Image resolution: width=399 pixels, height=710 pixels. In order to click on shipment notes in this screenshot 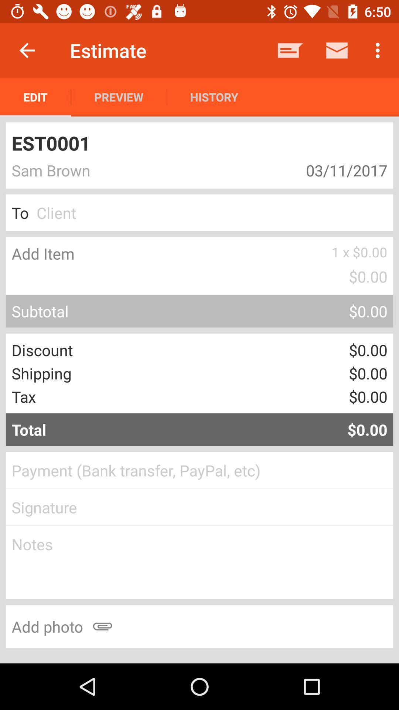, I will do `click(199, 562)`.